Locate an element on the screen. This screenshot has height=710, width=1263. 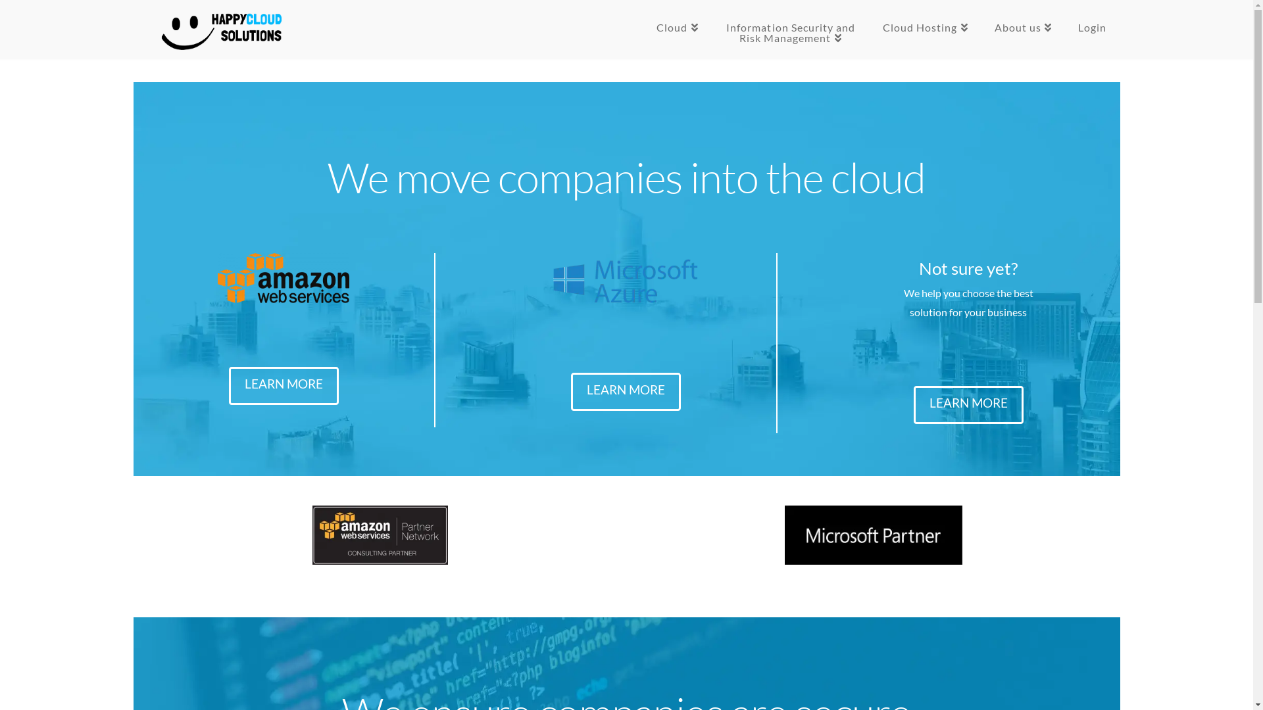
'Login' is located at coordinates (1092, 30).